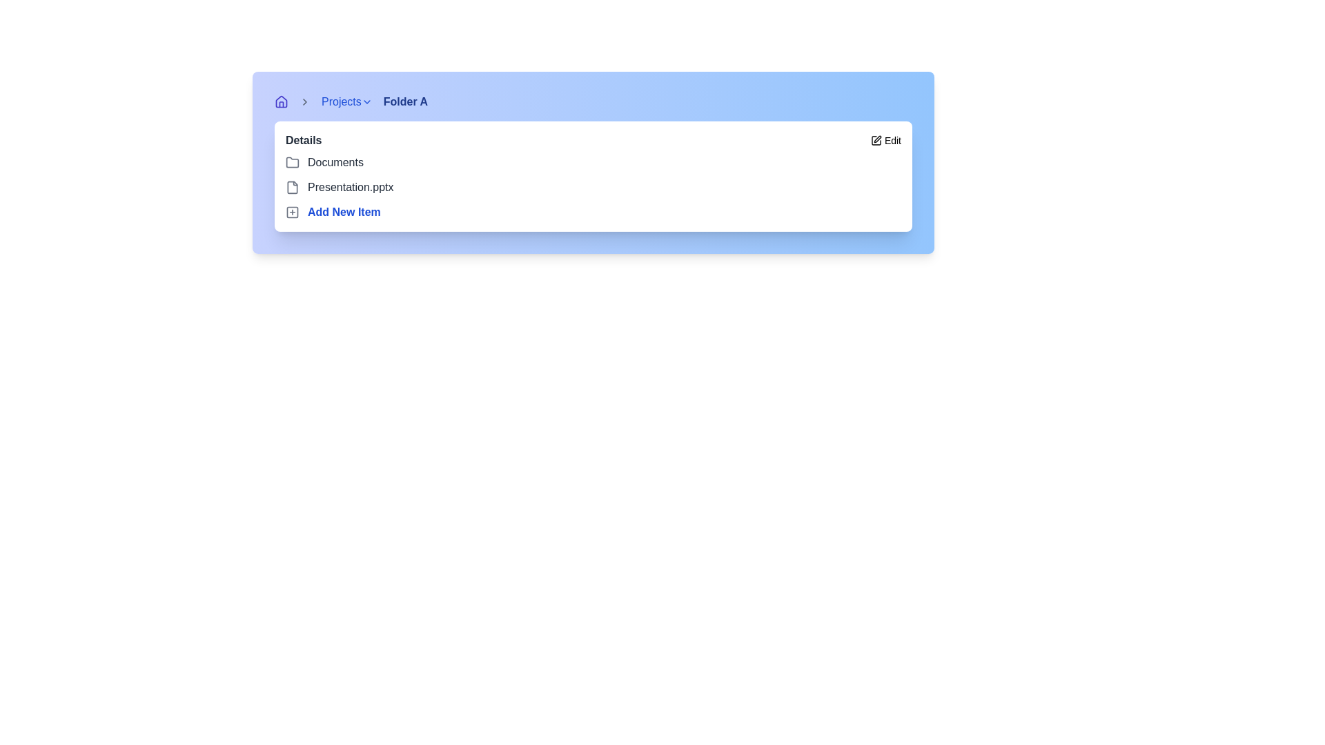  Describe the element at coordinates (876, 139) in the screenshot. I see `the static edit icon located in the top-right section of the white card interface, adjacent to the 'Edit' label` at that location.